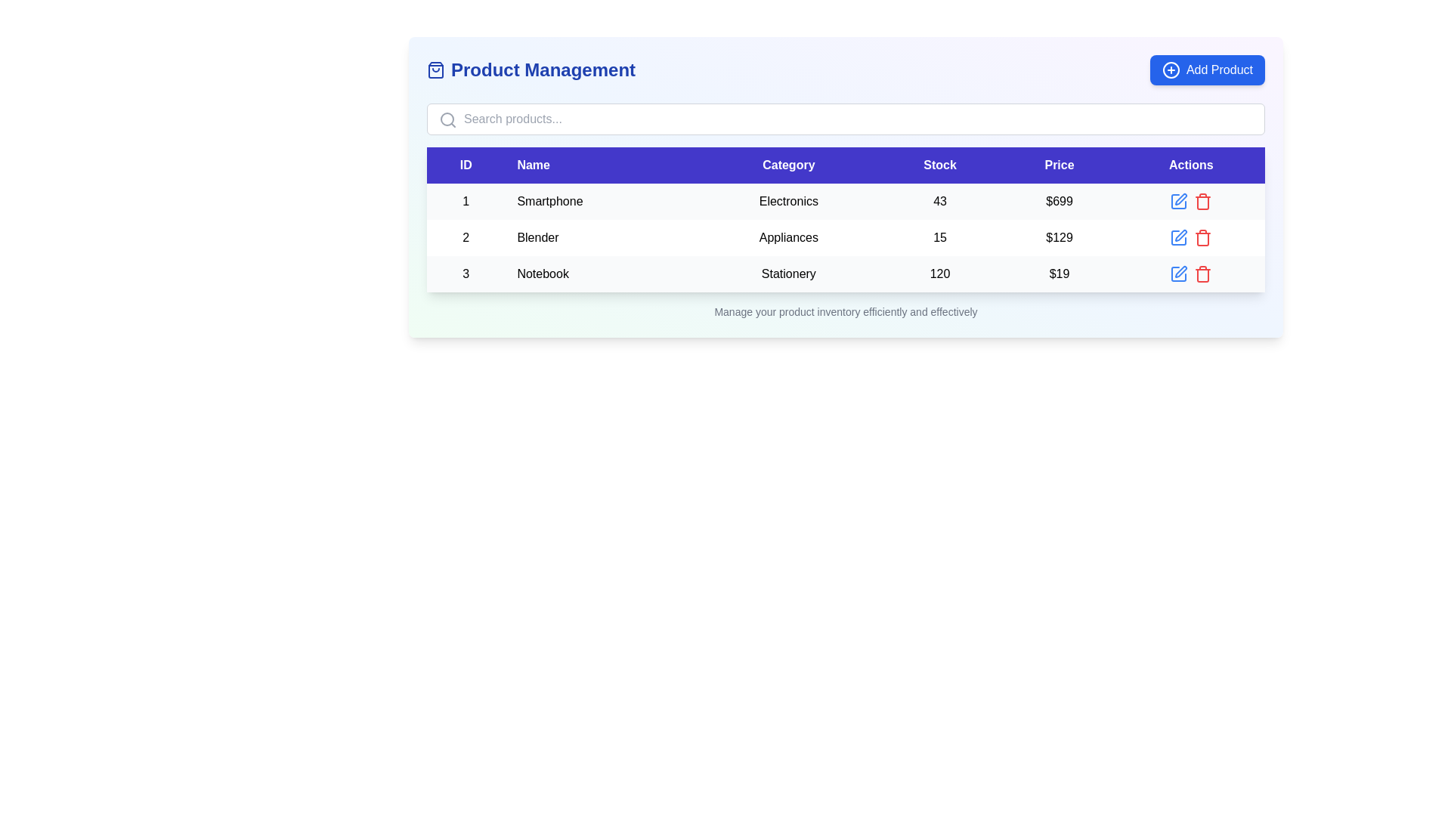 The height and width of the screenshot is (816, 1451). I want to click on the 'ID' column header in the table, so click(465, 165).